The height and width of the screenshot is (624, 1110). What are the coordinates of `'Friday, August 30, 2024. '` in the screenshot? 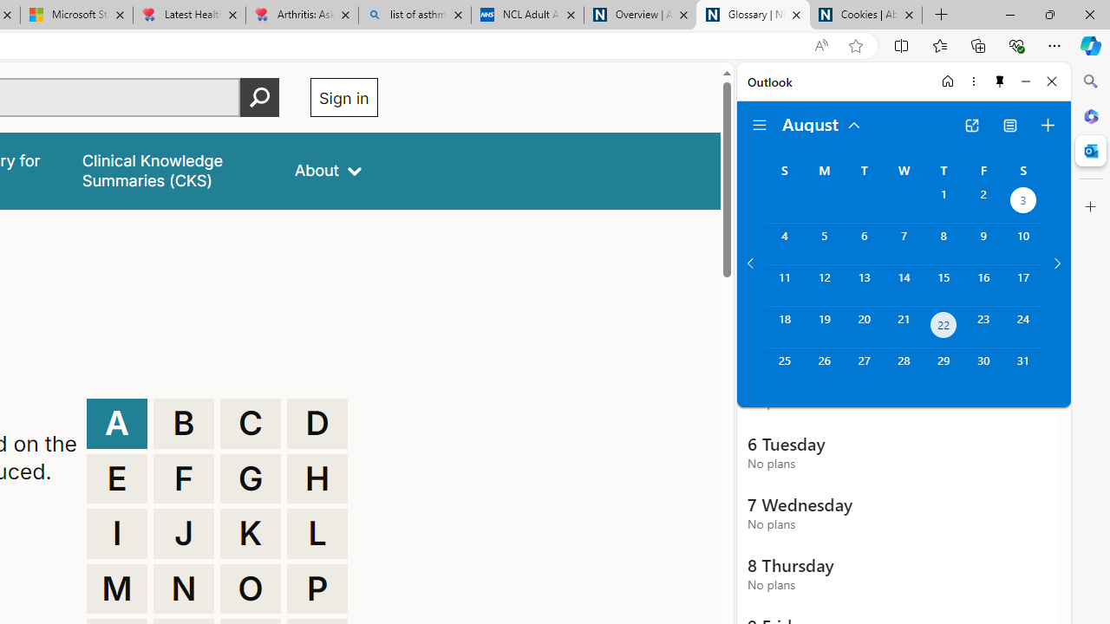 It's located at (983, 367).